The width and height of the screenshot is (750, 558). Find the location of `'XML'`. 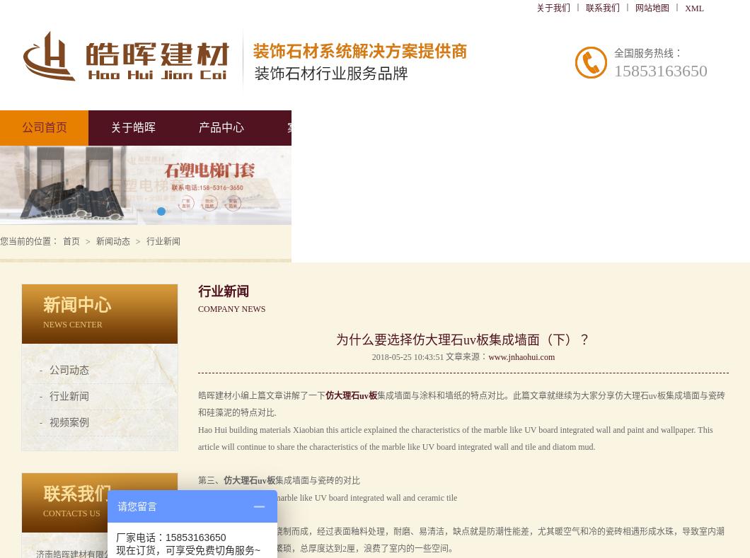

'XML' is located at coordinates (693, 7).